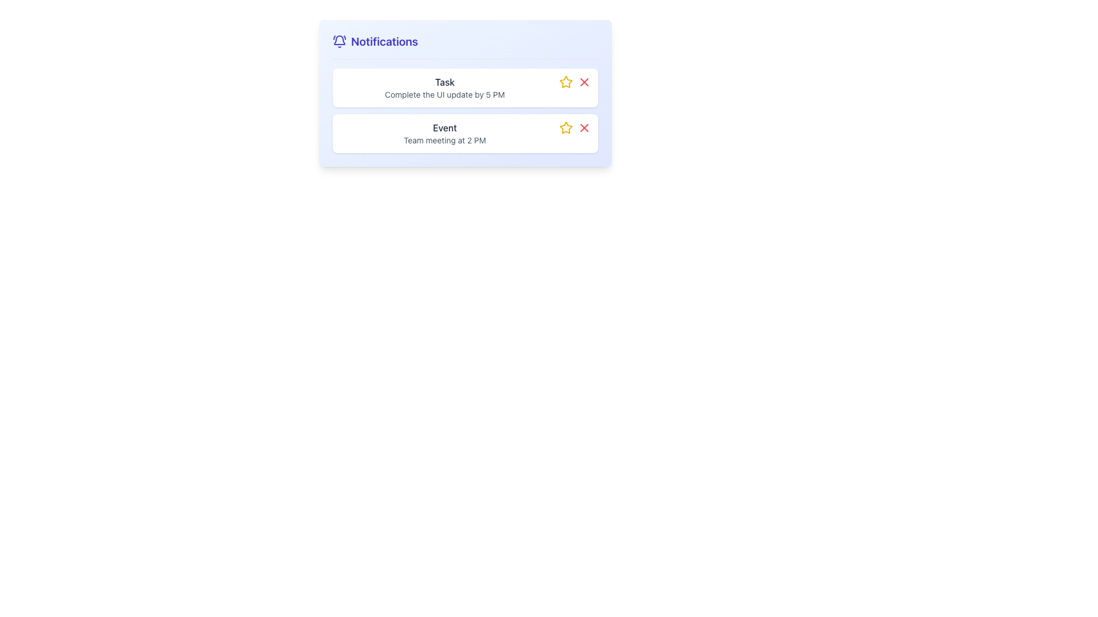 The image size is (1098, 617). What do you see at coordinates (444, 140) in the screenshot?
I see `the text label that reads 'Team meeting at 2 PM', which is styled with a smaller gray font and positioned beneath the 'Event' title in the notification card layout` at bounding box center [444, 140].